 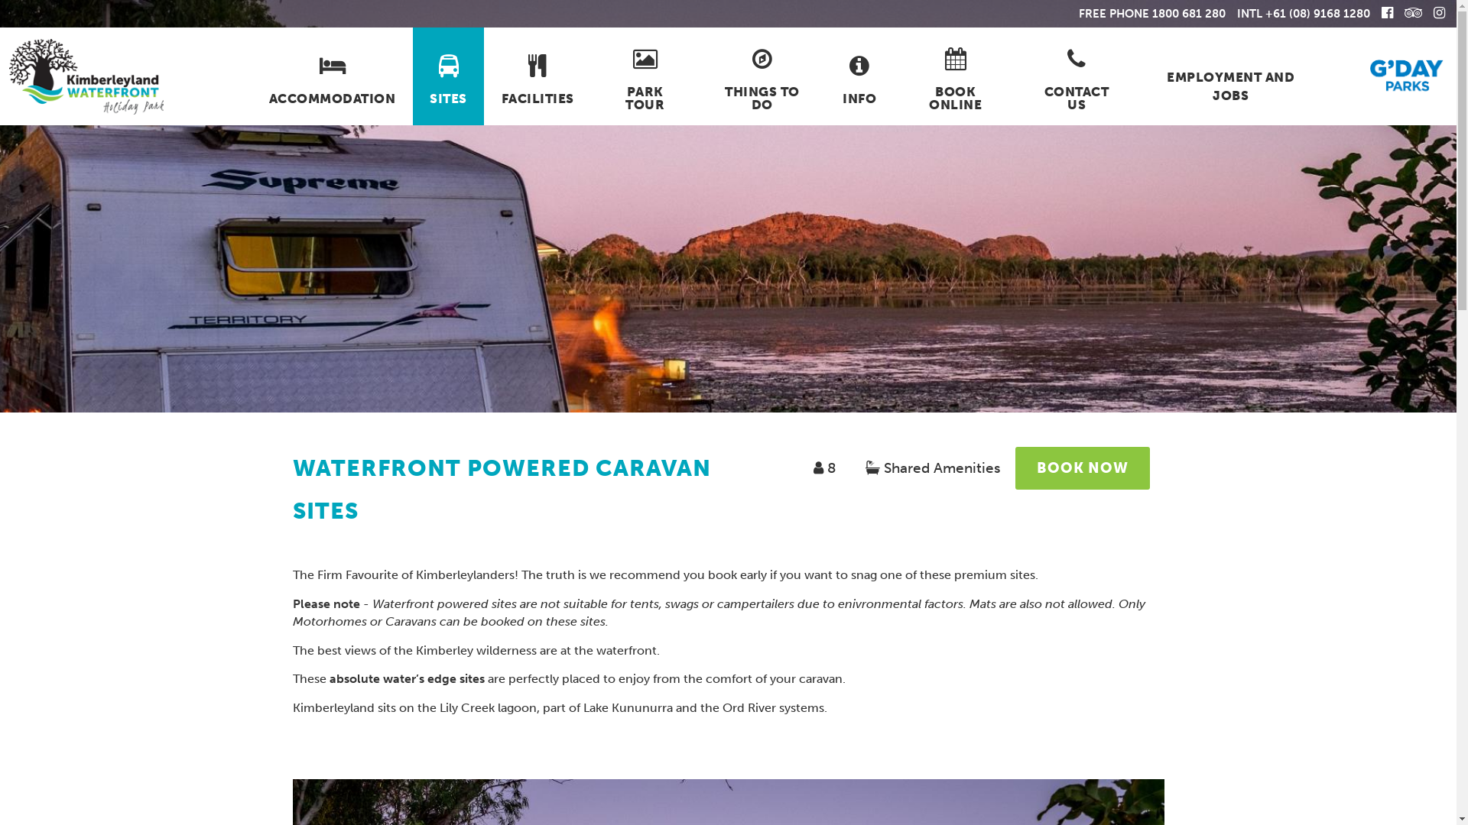 What do you see at coordinates (1015, 467) in the screenshot?
I see `'BOOK NOW'` at bounding box center [1015, 467].